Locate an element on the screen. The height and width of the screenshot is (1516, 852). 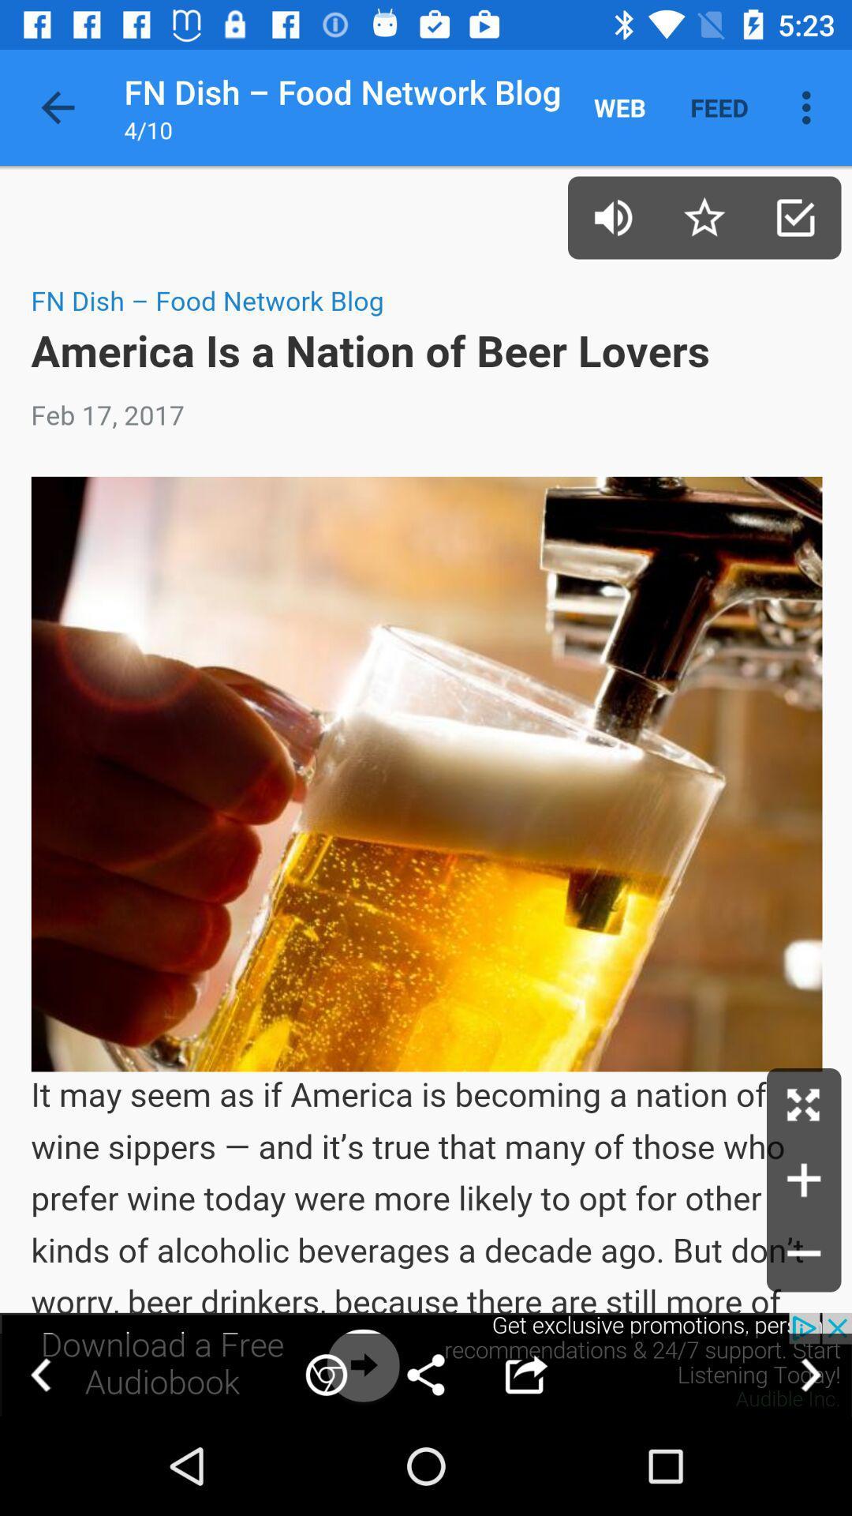
this article is located at coordinates (704, 216).